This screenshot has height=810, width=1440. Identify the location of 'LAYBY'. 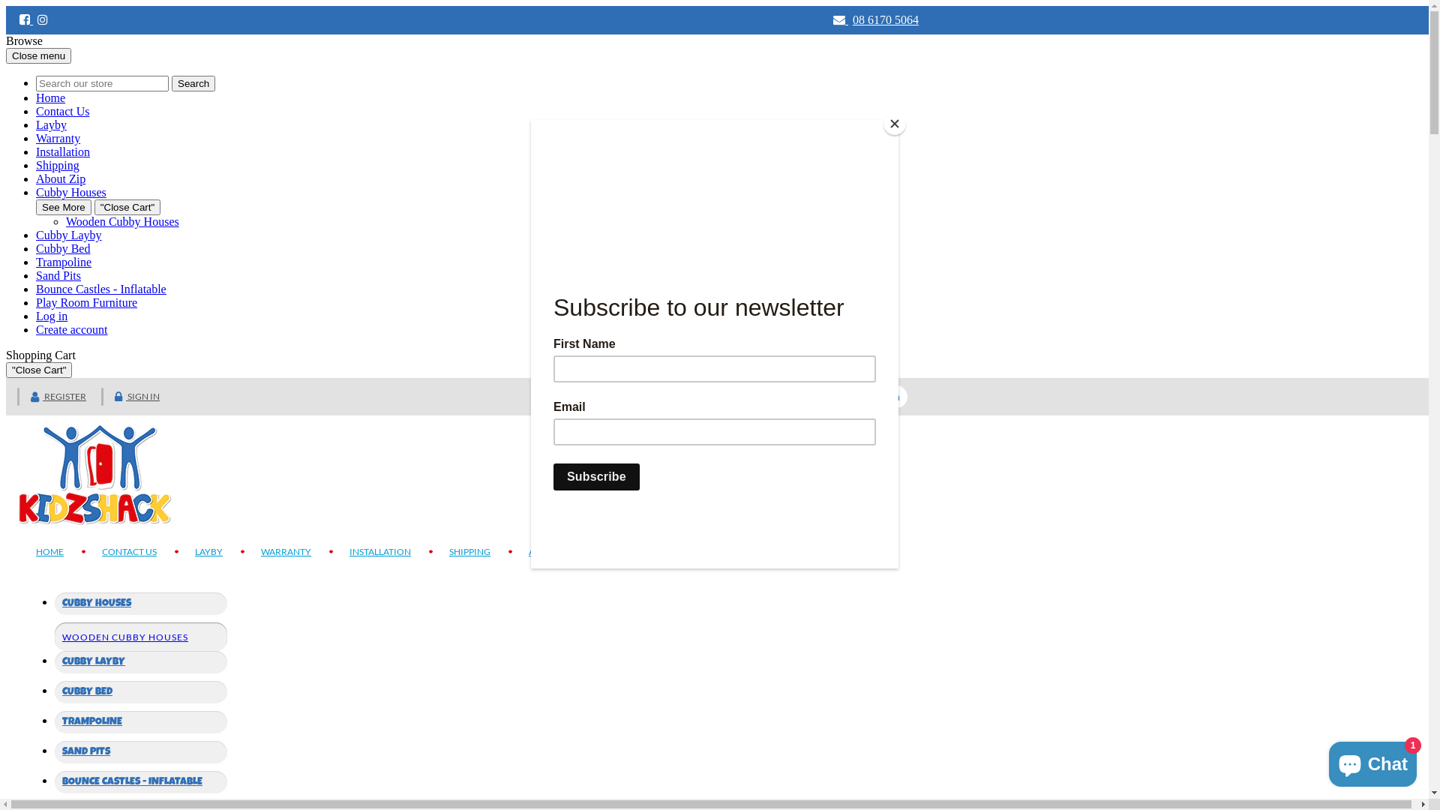
(208, 551).